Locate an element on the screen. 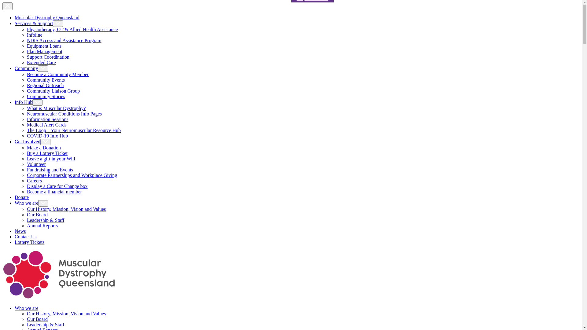  'Community Liaison Group' is located at coordinates (53, 91).